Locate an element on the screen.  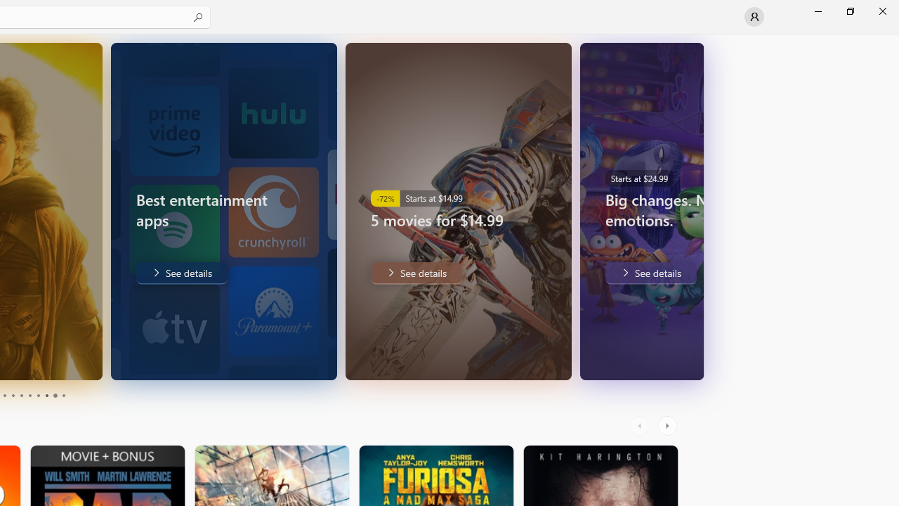
'Page 9' is located at coordinates (55, 396).